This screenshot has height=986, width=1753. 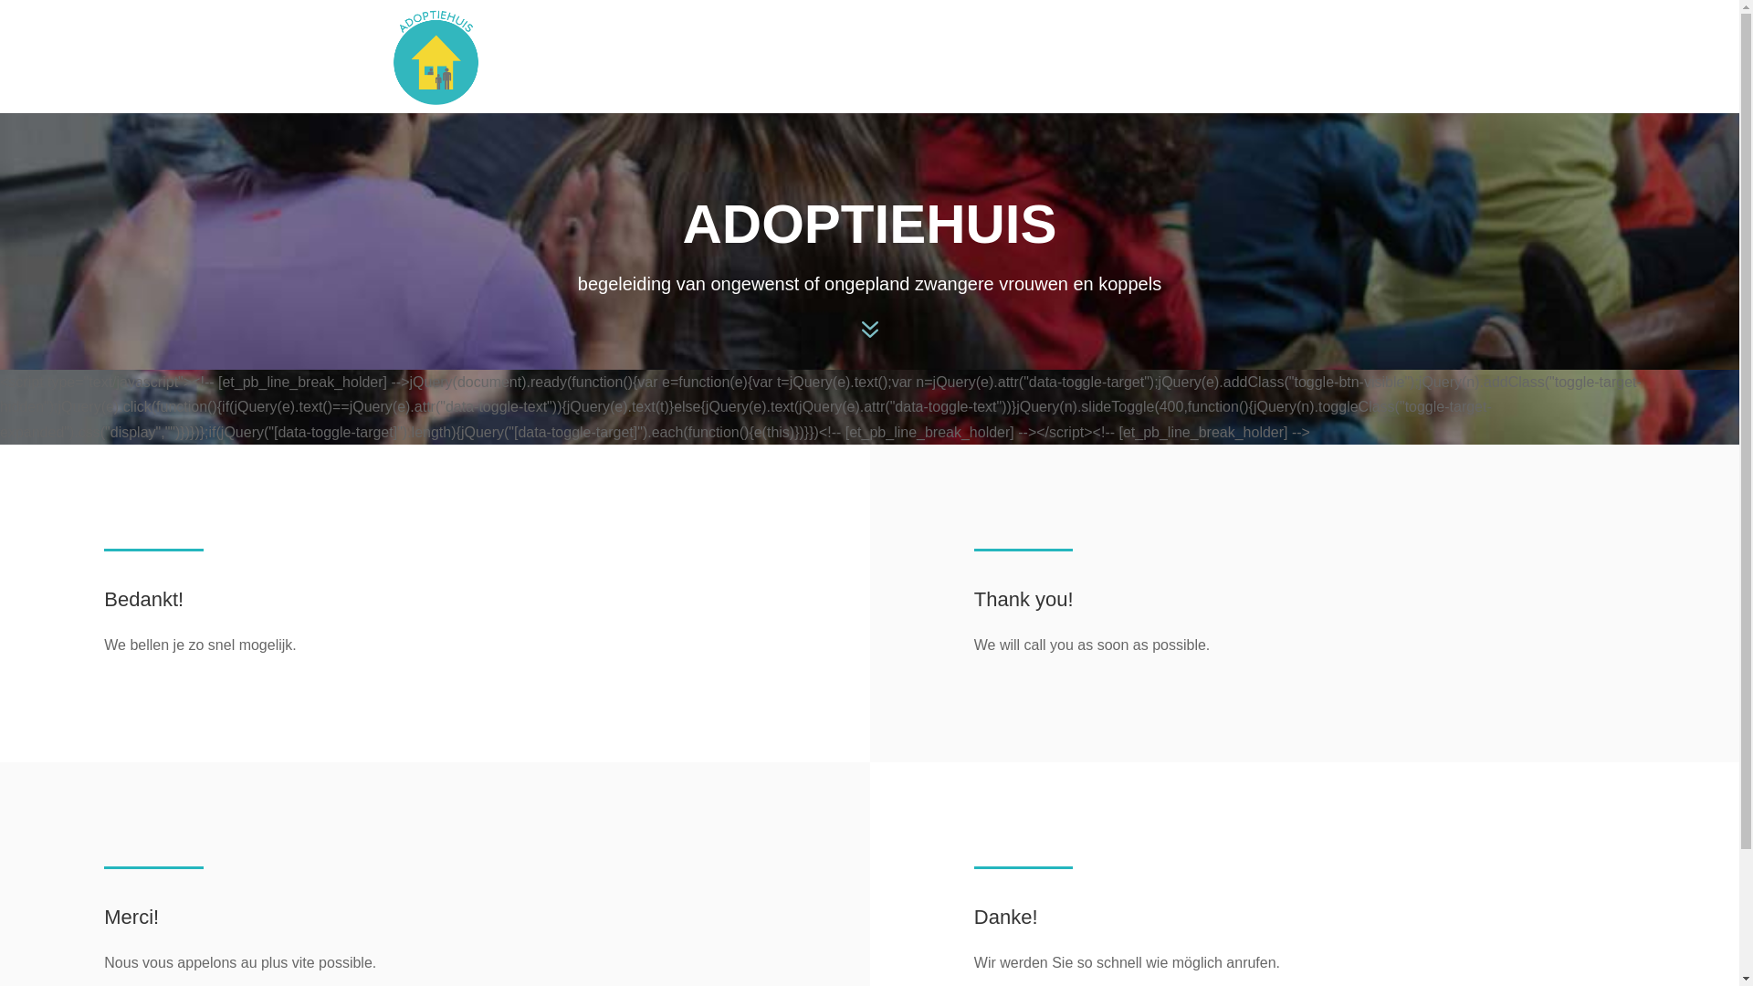 What do you see at coordinates (852, 330) in the screenshot?
I see `'7'` at bounding box center [852, 330].